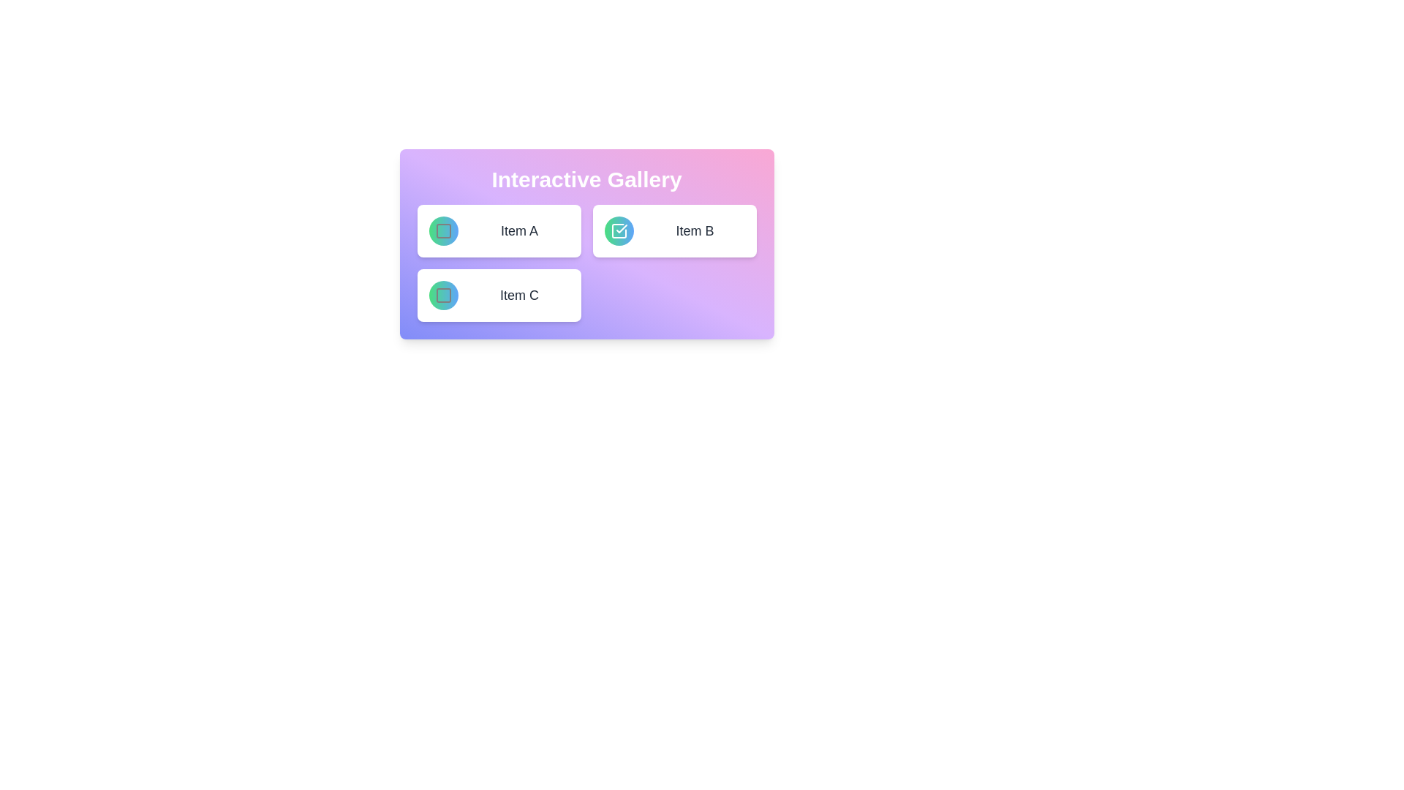 The width and height of the screenshot is (1404, 790). Describe the element at coordinates (621, 228) in the screenshot. I see `the check-shaped decorative icon representing a completed status for 'Item B' in the second row of the 'Interactive Gallery' section` at that location.